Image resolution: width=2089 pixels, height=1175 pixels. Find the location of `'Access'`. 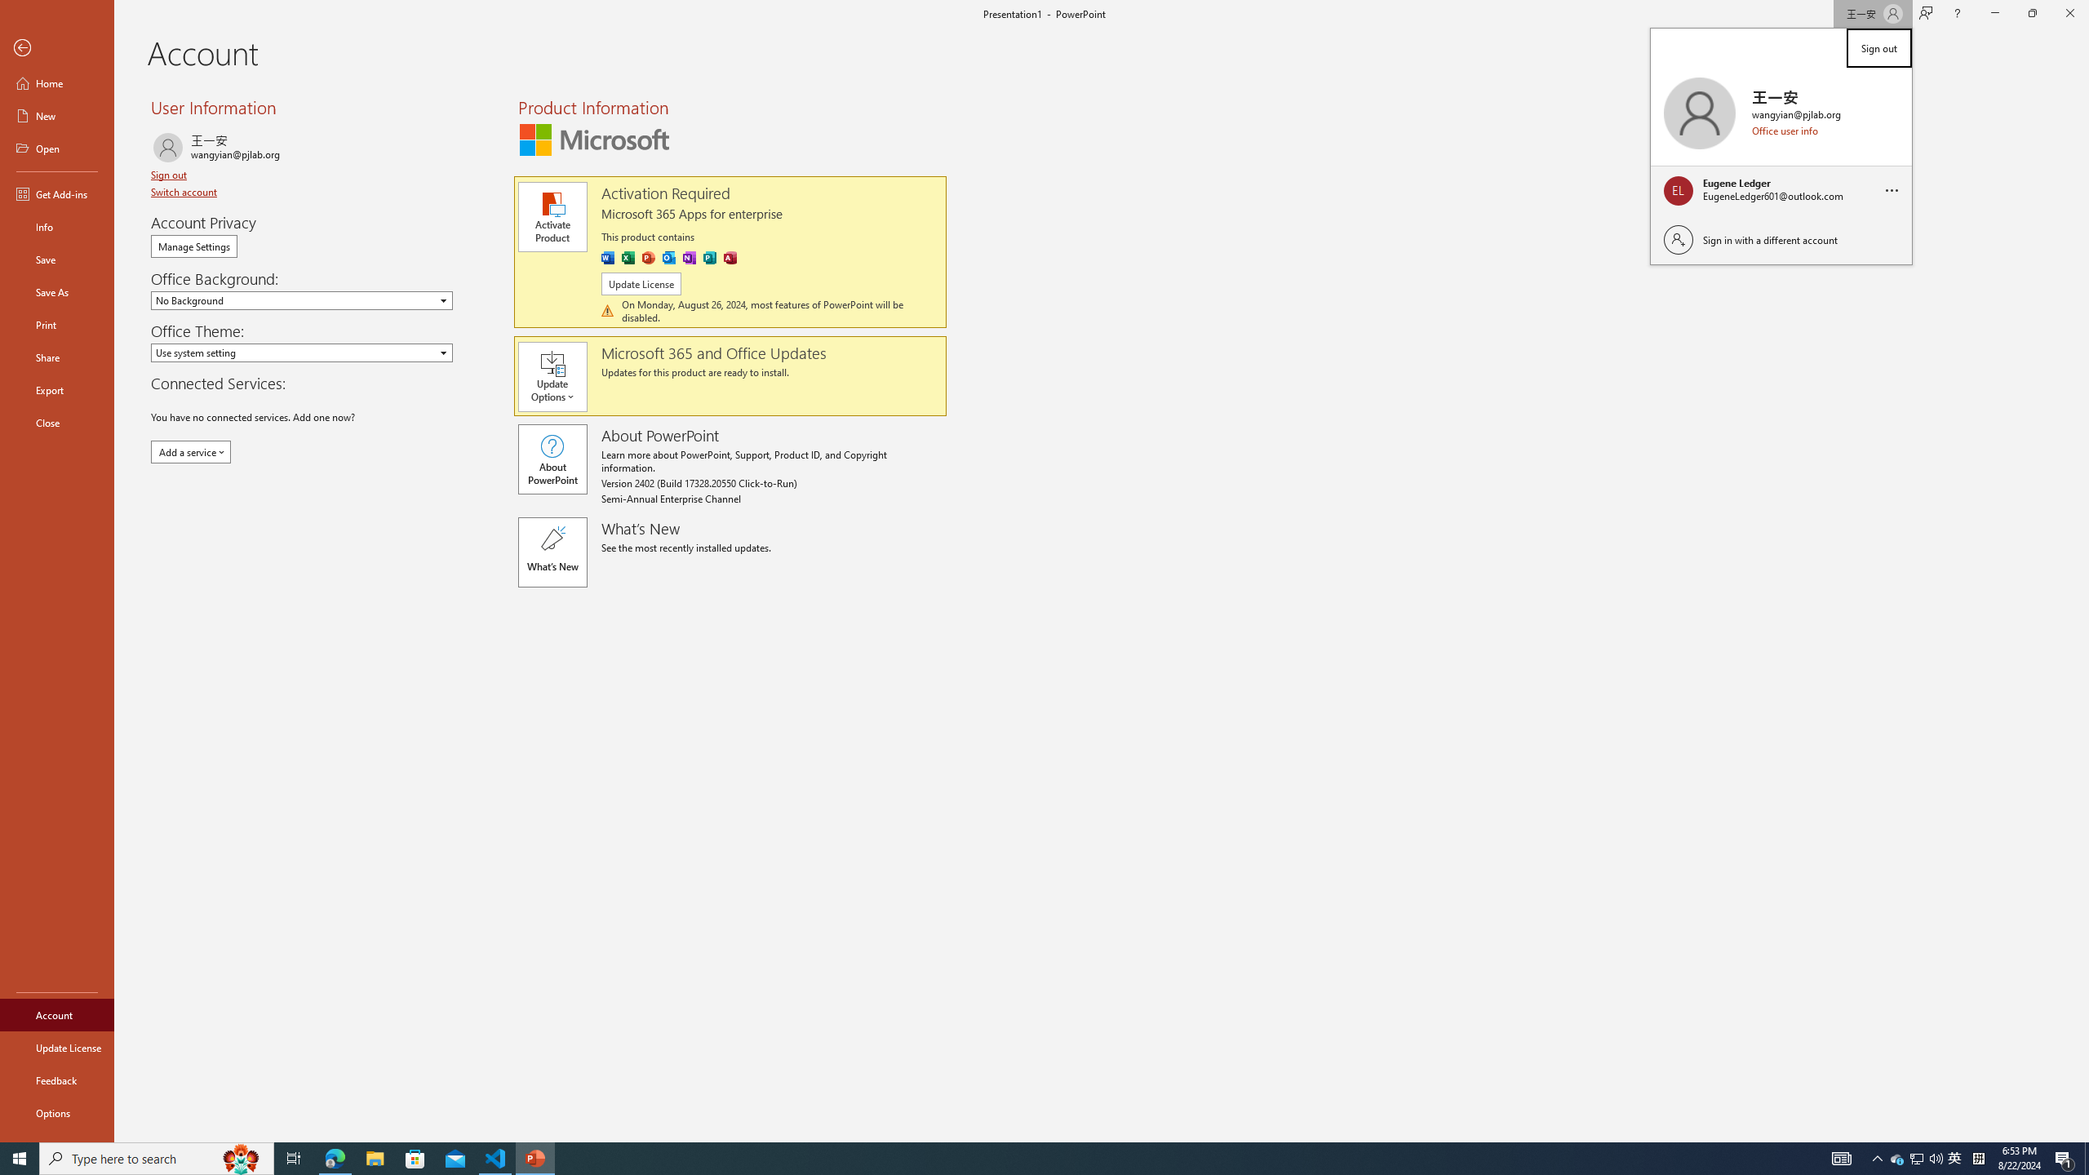

'Access' is located at coordinates (729, 257).